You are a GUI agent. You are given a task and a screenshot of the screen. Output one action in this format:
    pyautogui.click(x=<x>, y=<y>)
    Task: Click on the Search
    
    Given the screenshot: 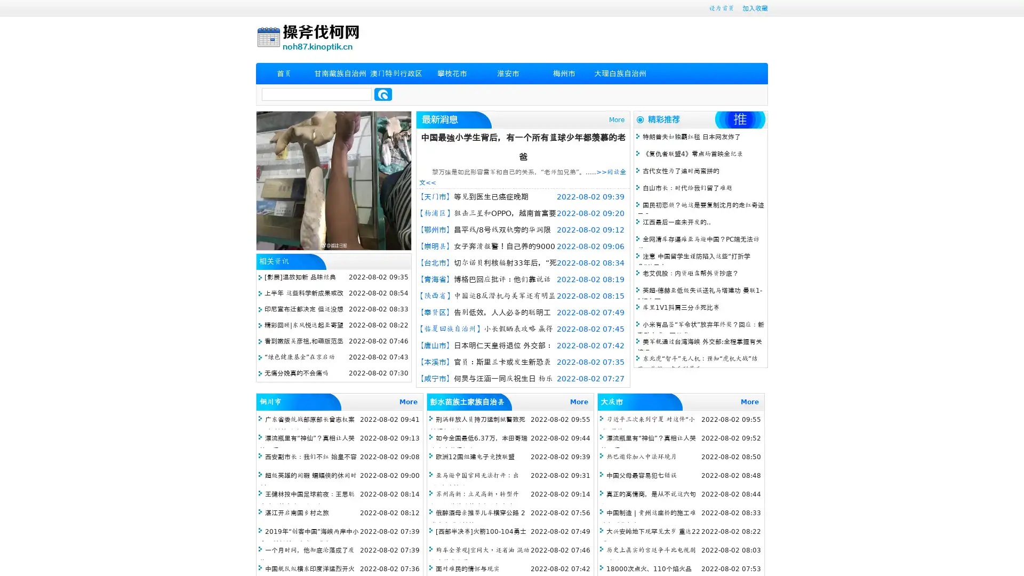 What is the action you would take?
    pyautogui.click(x=383, y=94)
    